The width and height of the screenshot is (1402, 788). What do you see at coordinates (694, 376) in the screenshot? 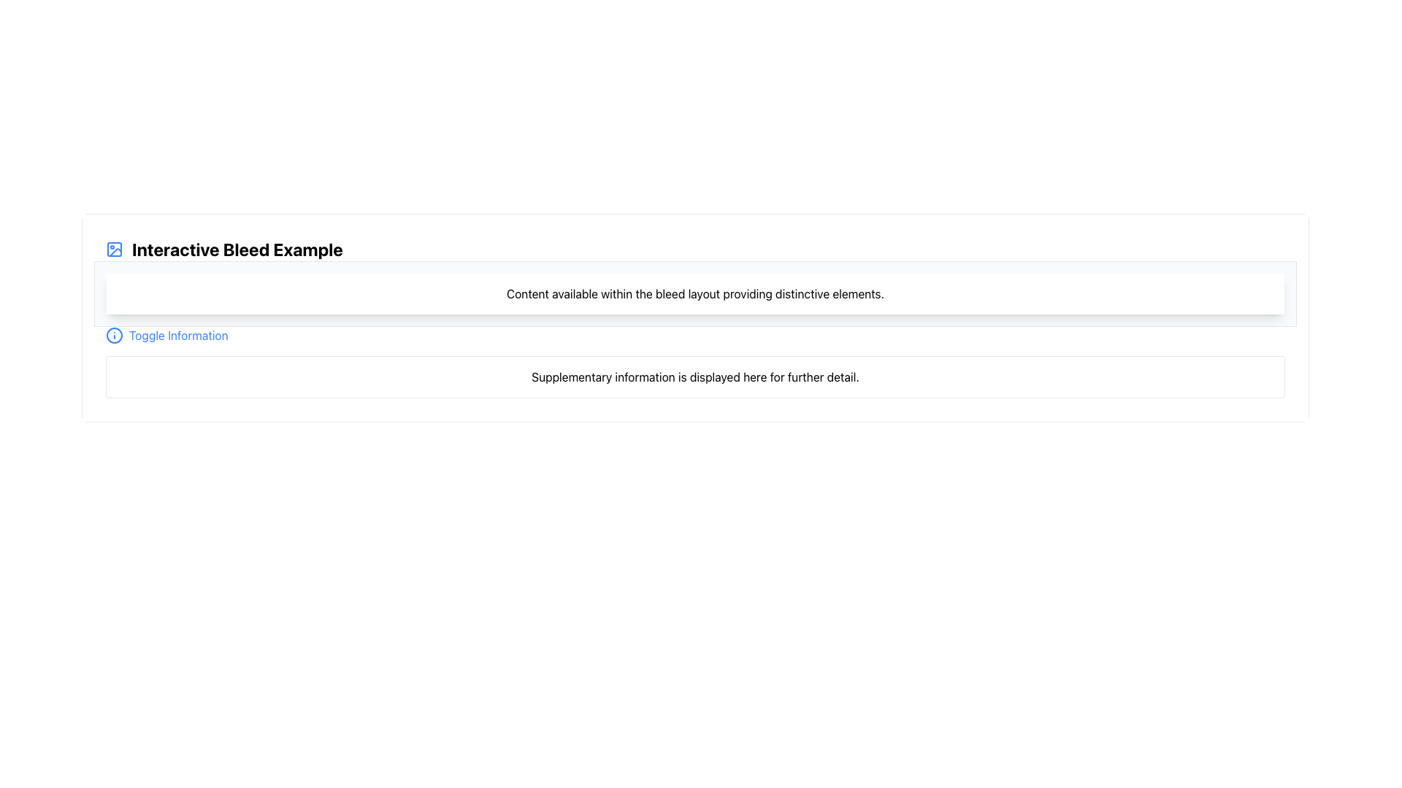
I see `text from the Text box that contains 'Supplementary information is displayed here for further detail.'` at bounding box center [694, 376].